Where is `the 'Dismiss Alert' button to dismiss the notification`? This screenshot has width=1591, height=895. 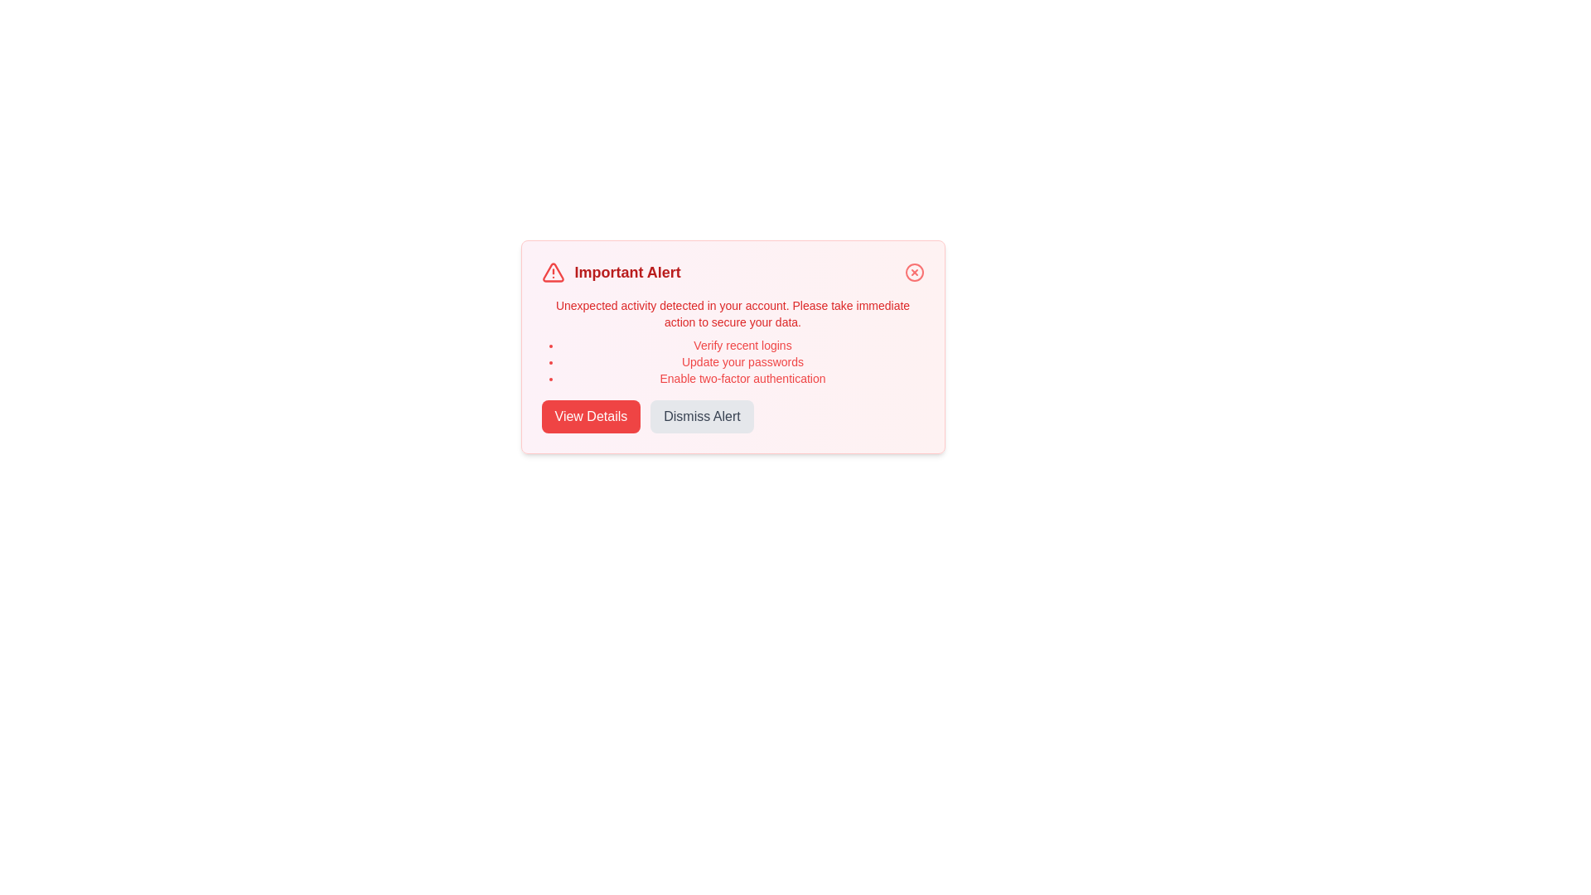
the 'Dismiss Alert' button to dismiss the notification is located at coordinates (702, 415).